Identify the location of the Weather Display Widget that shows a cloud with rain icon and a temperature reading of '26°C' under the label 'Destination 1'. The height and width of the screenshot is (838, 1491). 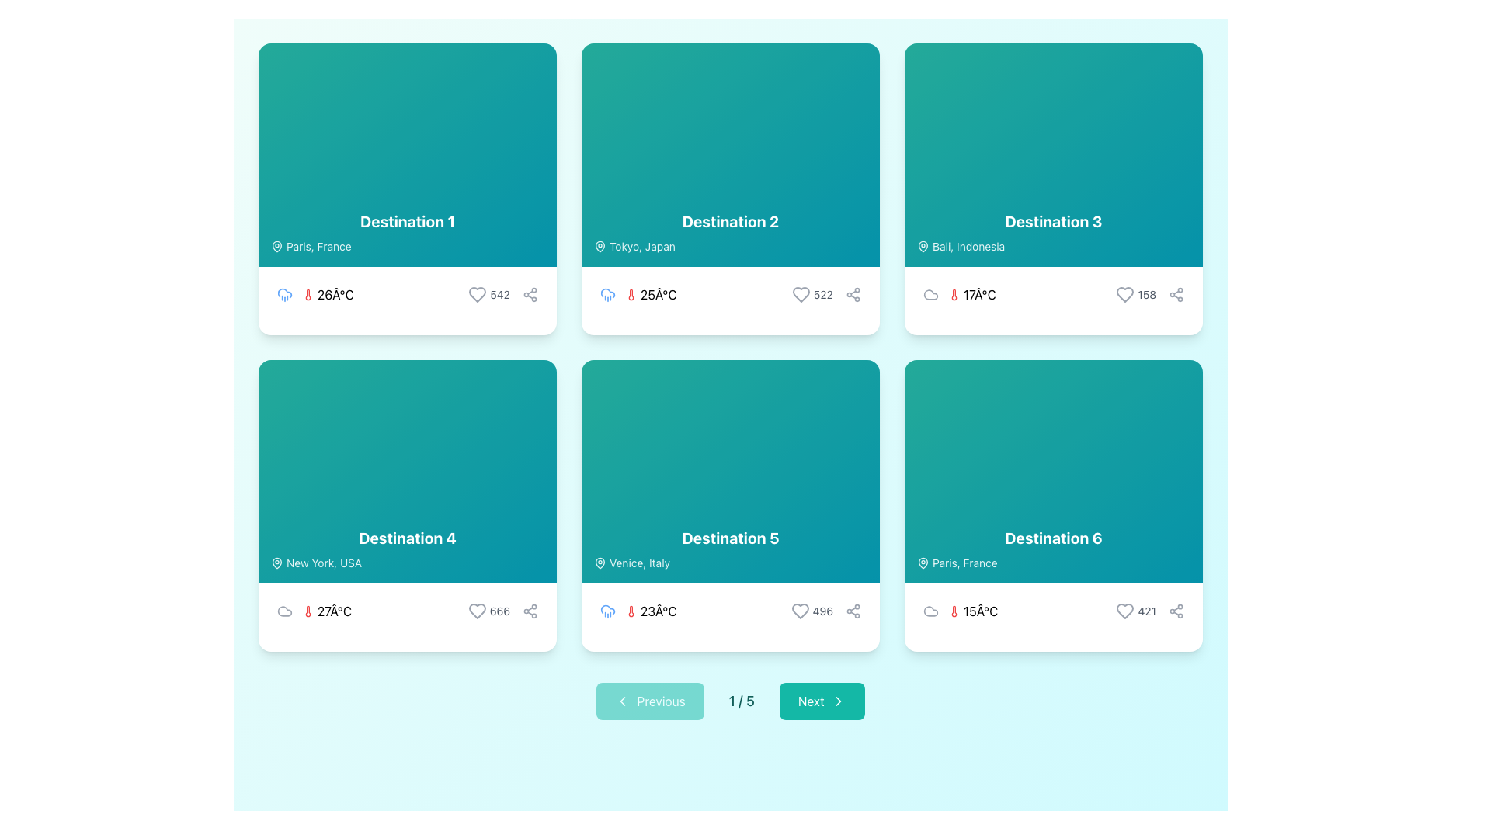
(315, 295).